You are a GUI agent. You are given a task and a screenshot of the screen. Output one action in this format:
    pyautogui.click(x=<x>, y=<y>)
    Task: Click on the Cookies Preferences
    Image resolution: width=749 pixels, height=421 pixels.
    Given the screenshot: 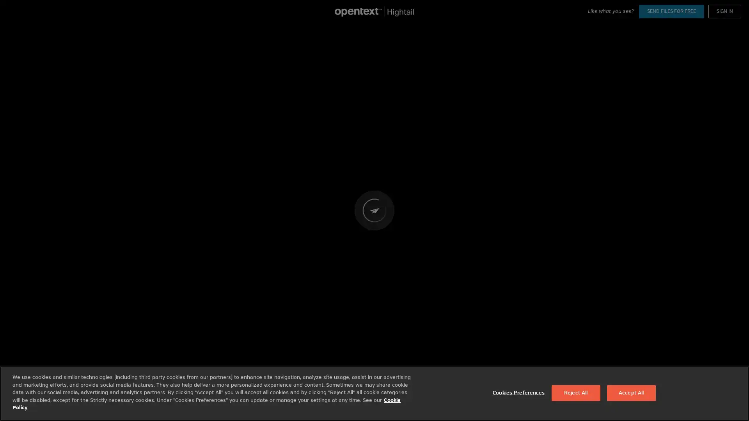 What is the action you would take?
    pyautogui.click(x=518, y=393)
    